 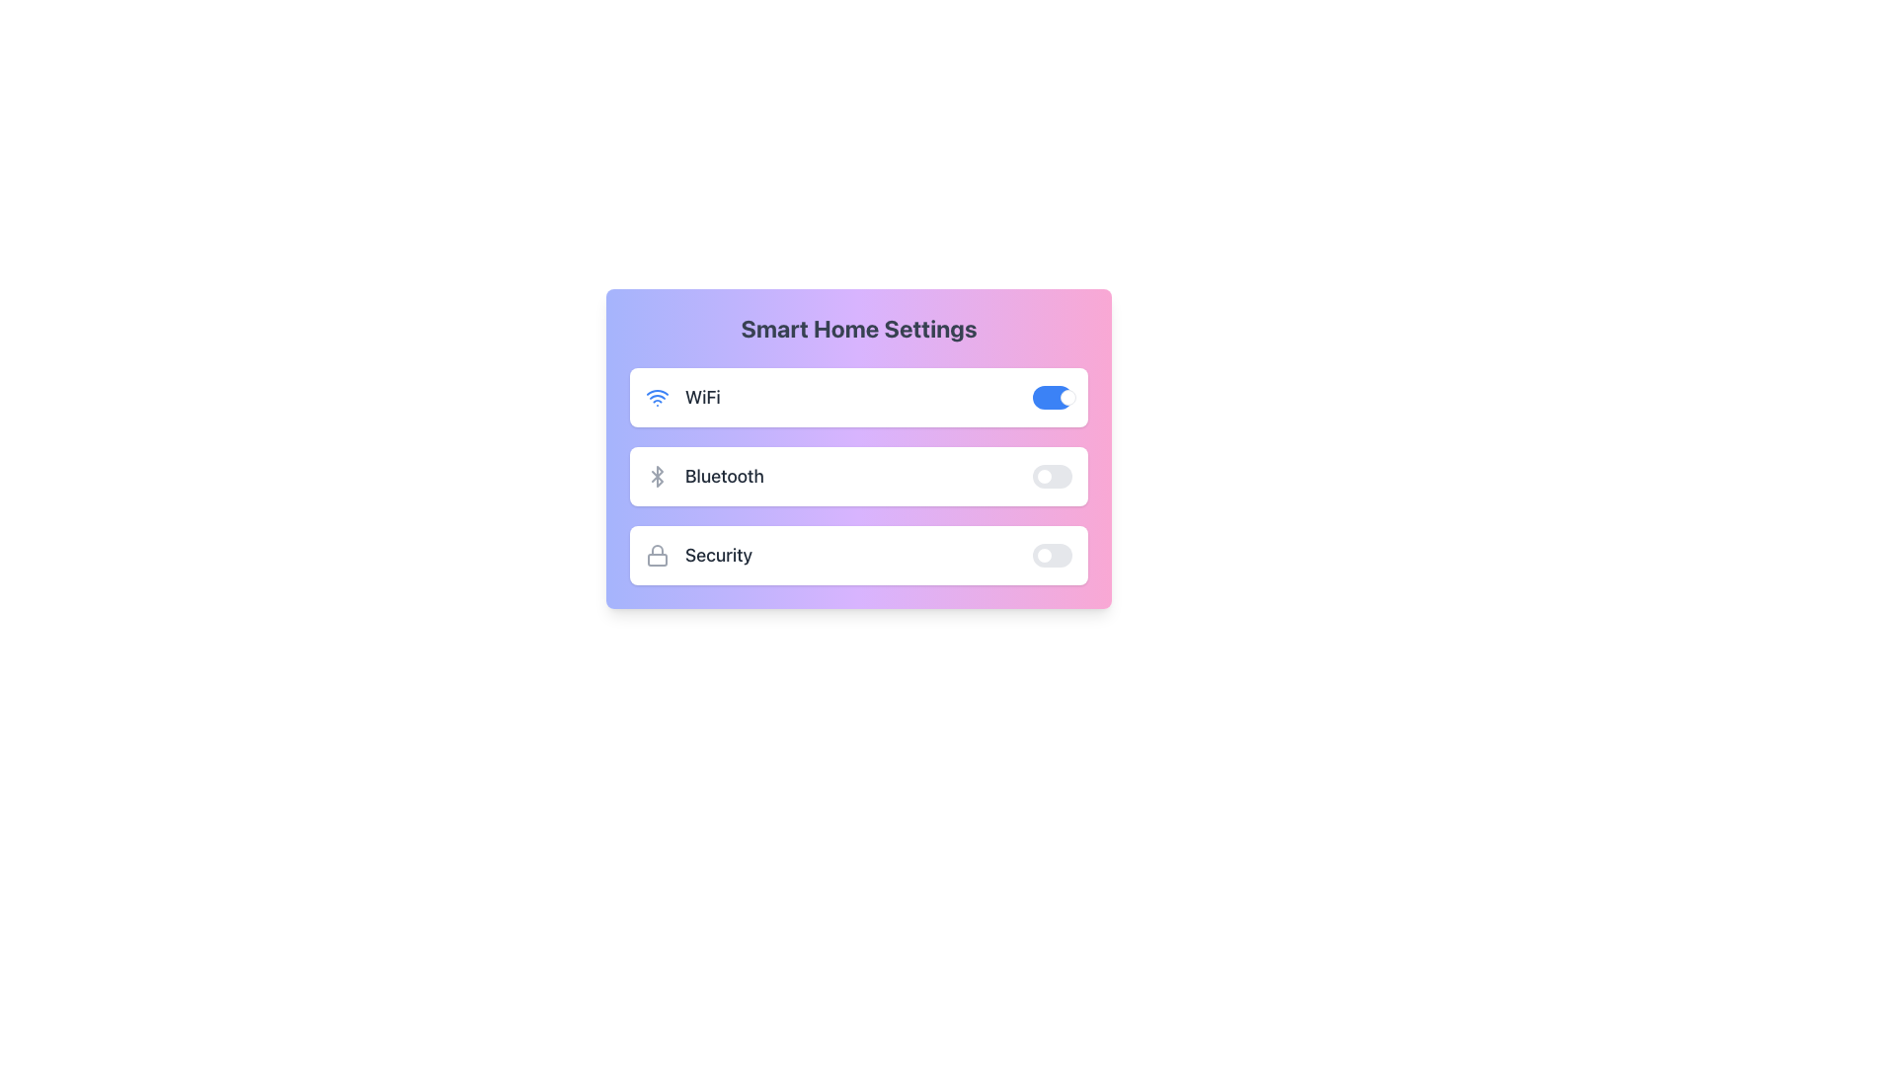 I want to click on the circular knob of the toggle switch located, so click(x=1066, y=397).